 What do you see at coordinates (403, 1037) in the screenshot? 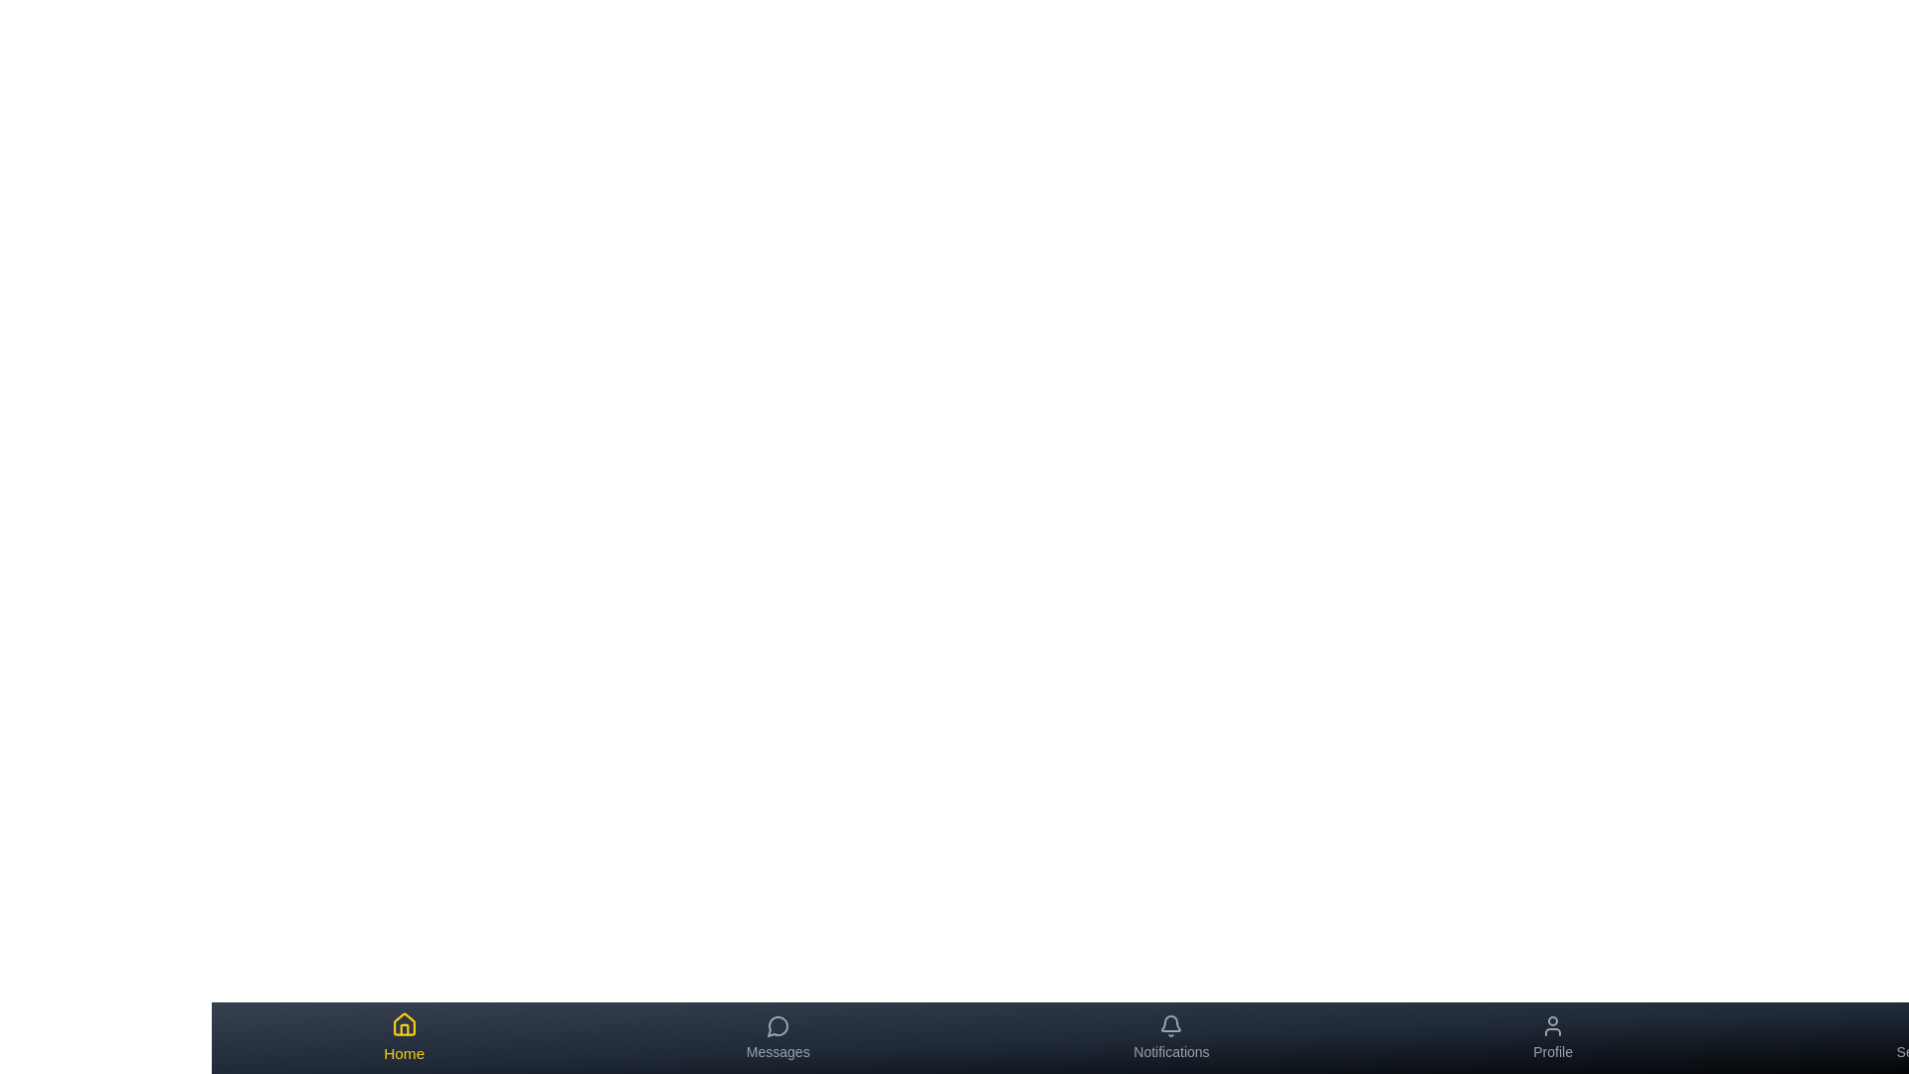
I see `the Home tab to observe its active state` at bounding box center [403, 1037].